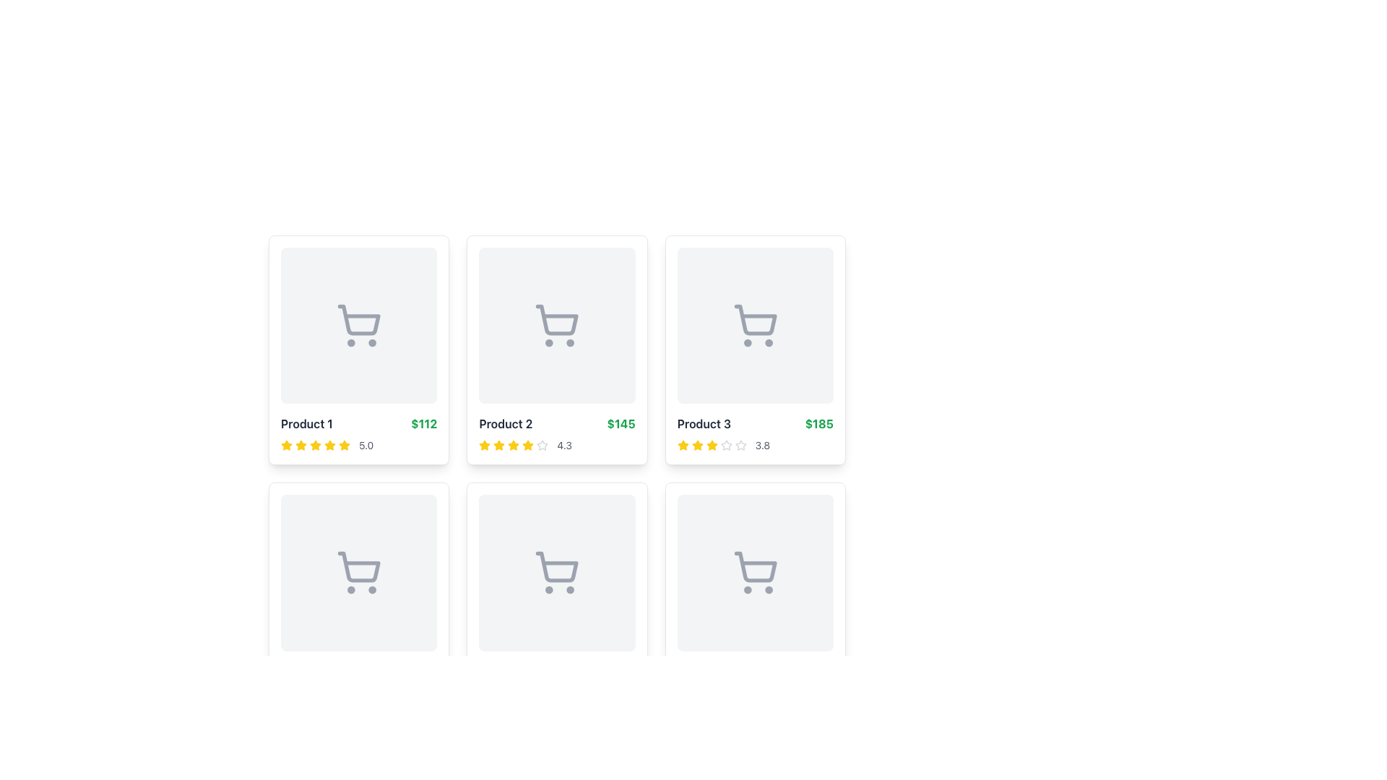 The image size is (1387, 780). What do you see at coordinates (359, 350) in the screenshot?
I see `the first product display card located in the top-left corner of the grid layout` at bounding box center [359, 350].